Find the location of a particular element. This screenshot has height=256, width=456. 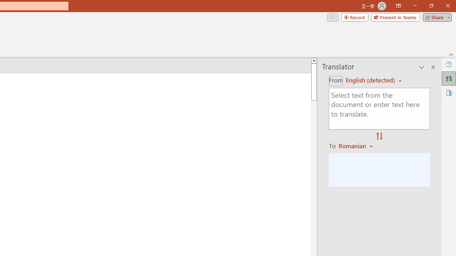

'Swap "from" and "to" languages.' is located at coordinates (379, 137).